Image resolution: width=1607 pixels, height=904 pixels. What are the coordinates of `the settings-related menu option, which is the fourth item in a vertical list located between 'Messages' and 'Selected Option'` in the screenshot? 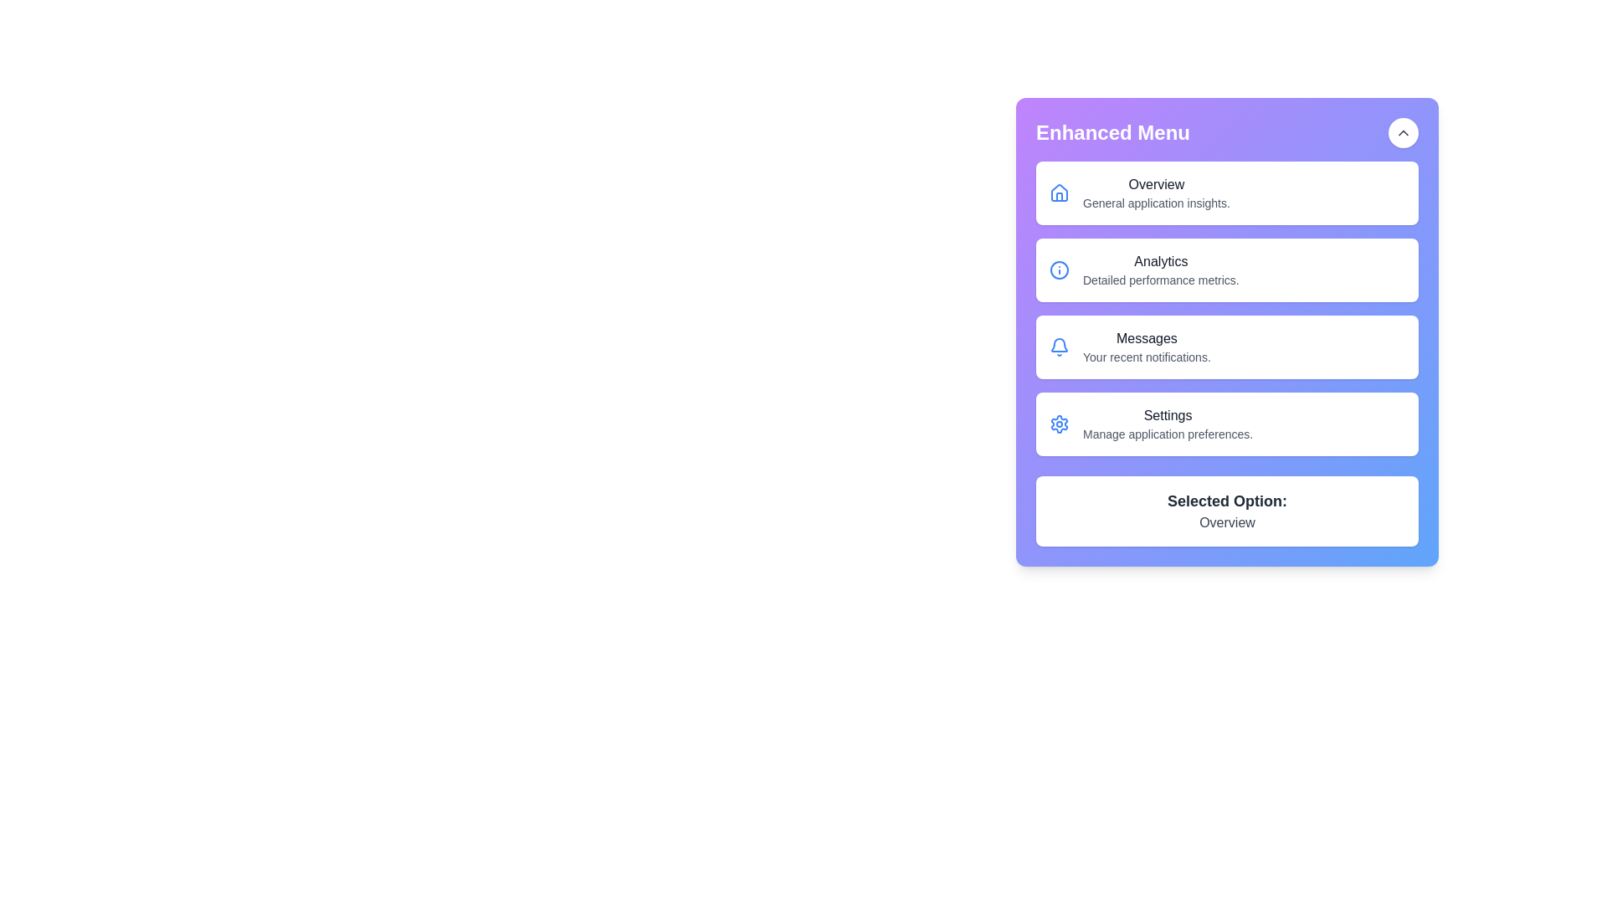 It's located at (1227, 423).